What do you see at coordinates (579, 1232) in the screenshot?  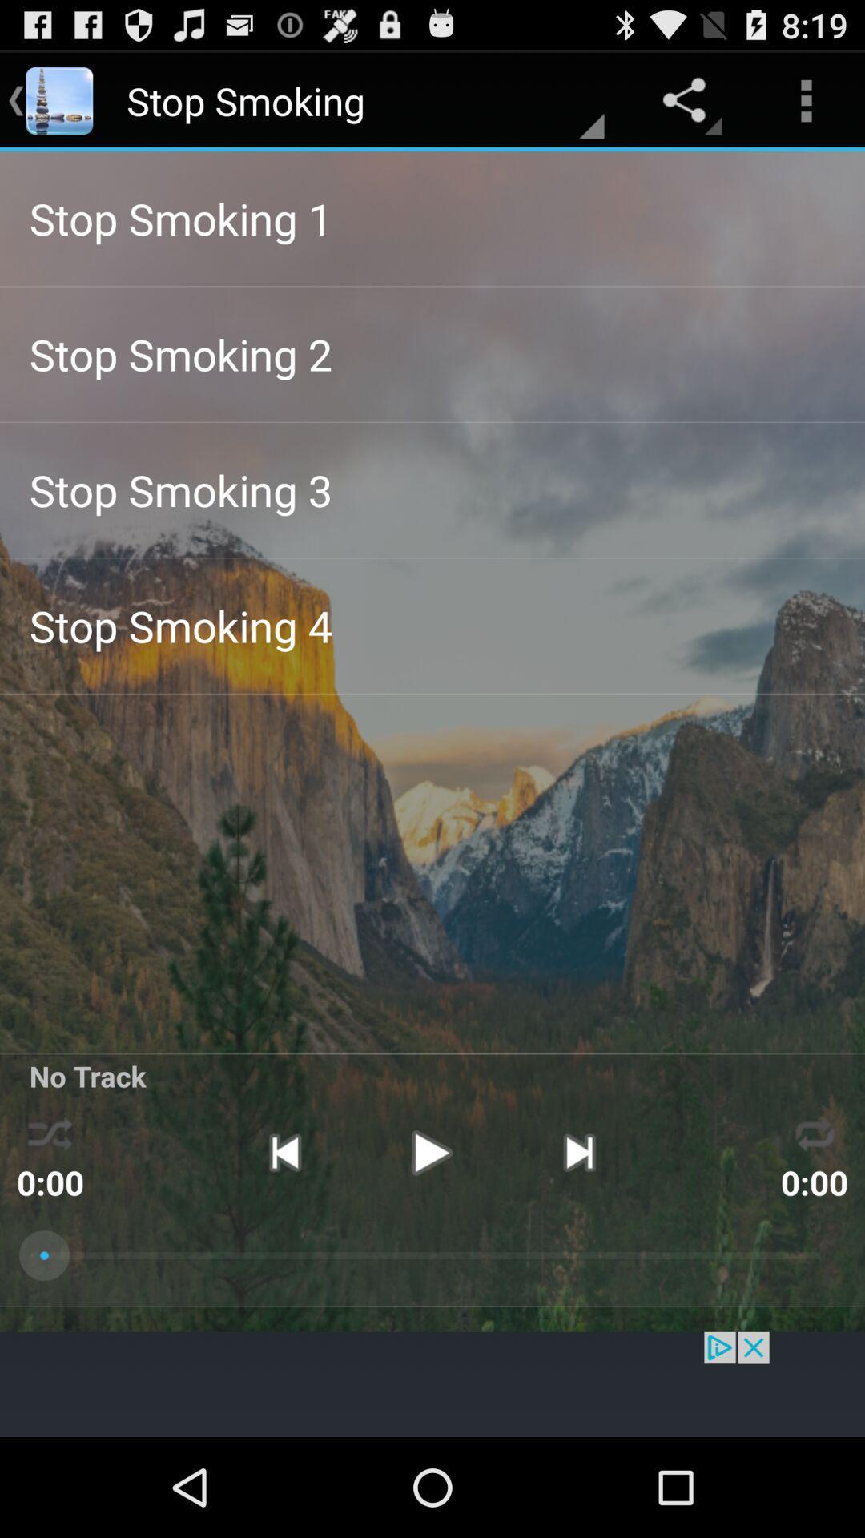 I see `the skip_next icon` at bounding box center [579, 1232].